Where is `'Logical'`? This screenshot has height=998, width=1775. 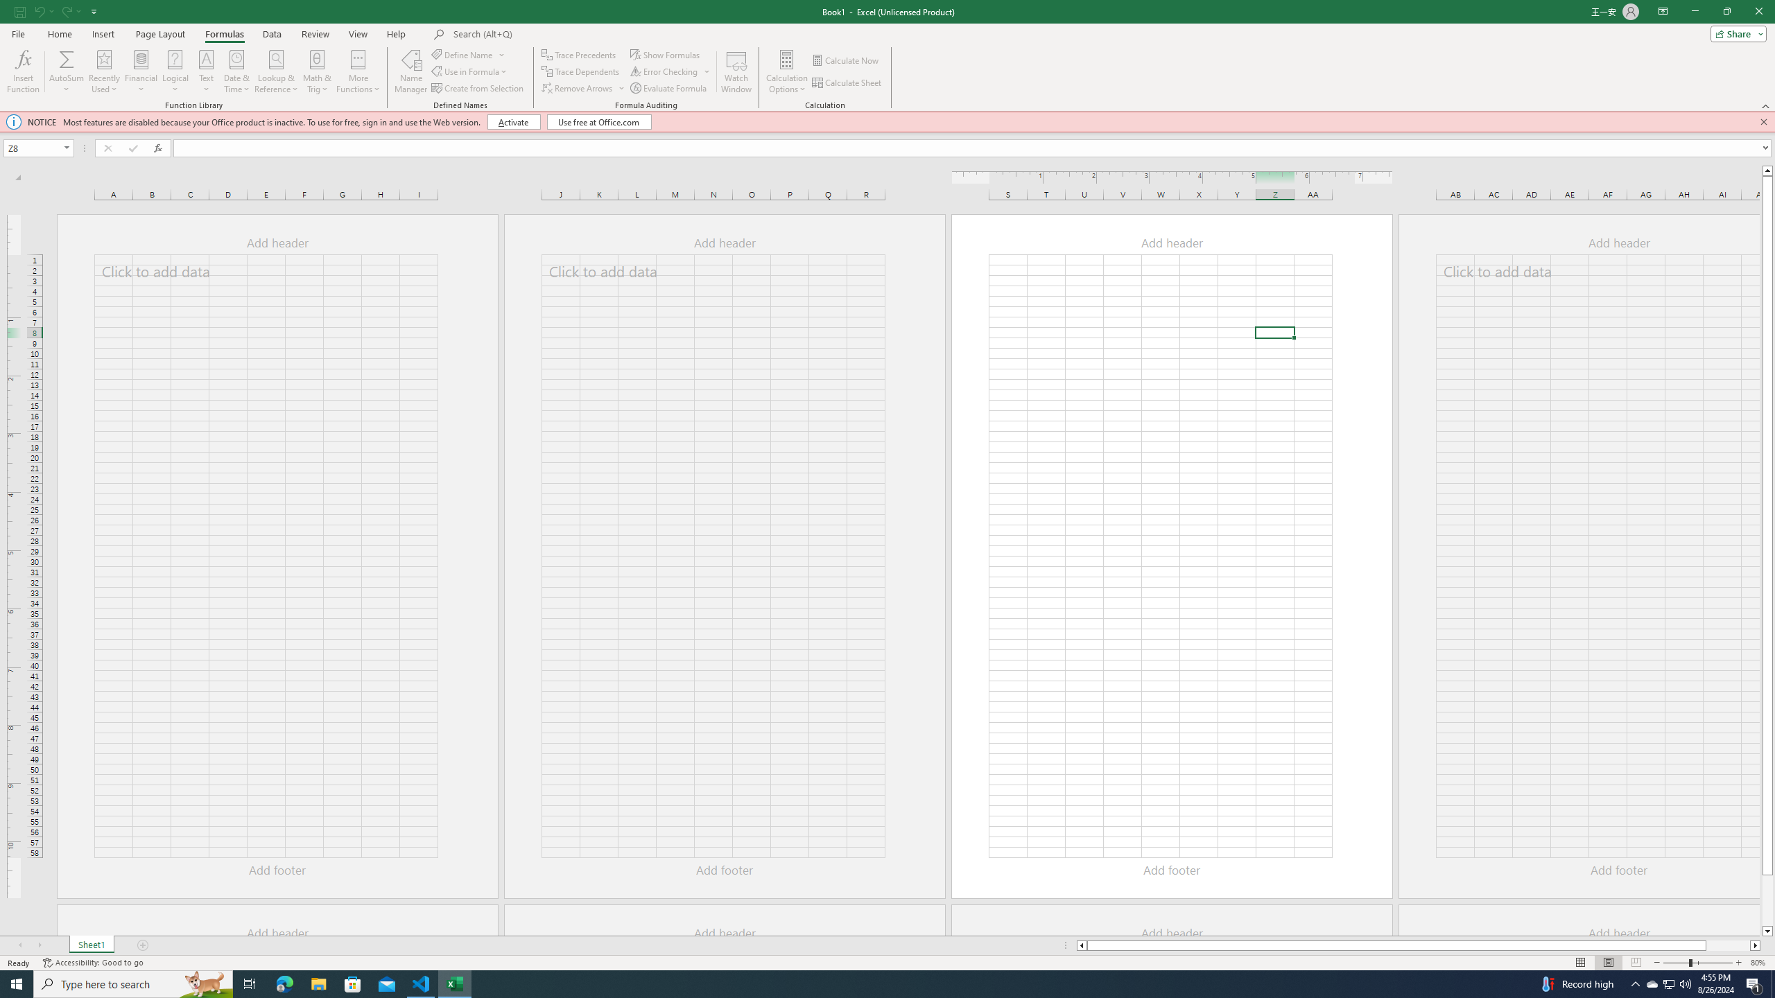 'Logical' is located at coordinates (175, 71).